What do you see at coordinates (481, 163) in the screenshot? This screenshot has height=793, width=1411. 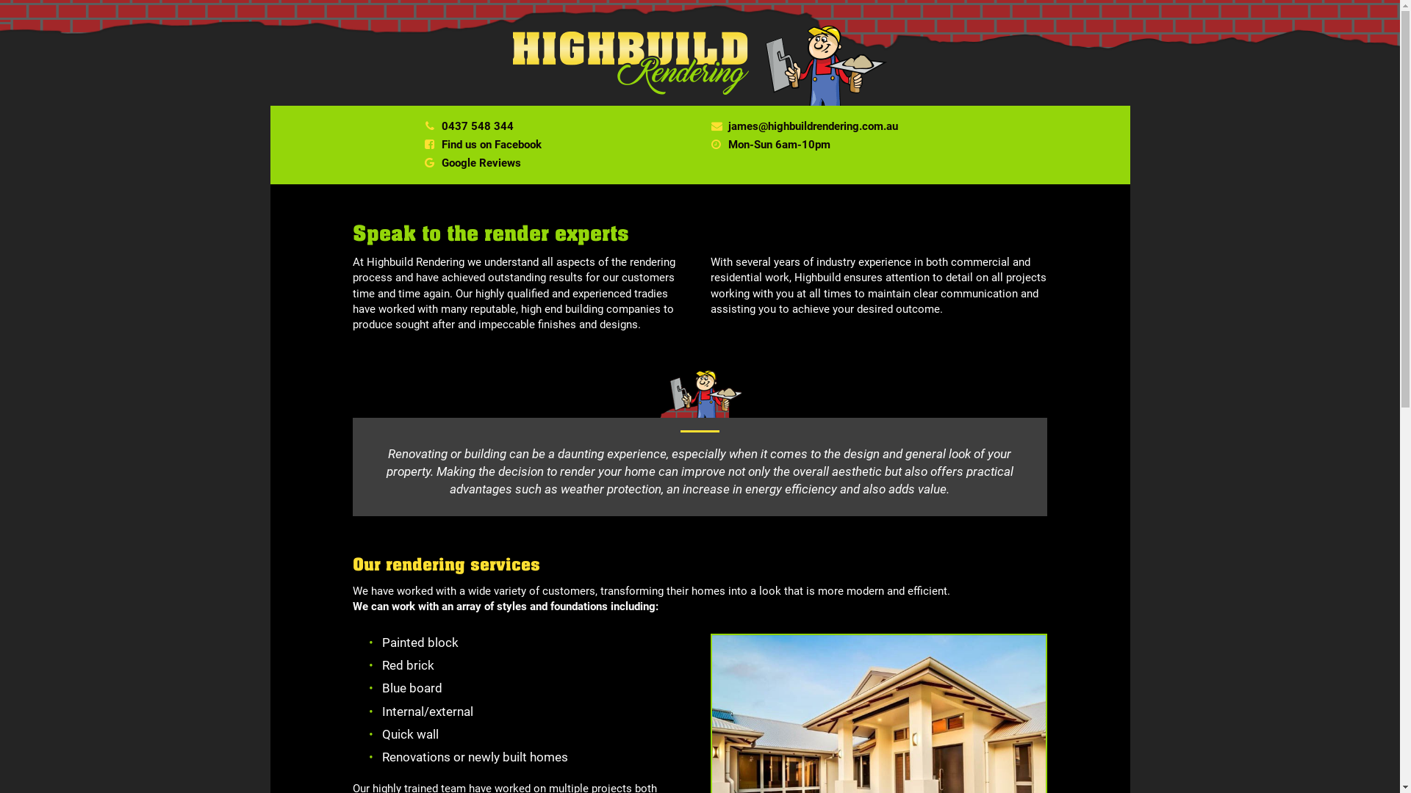 I see `'Google Reviews'` at bounding box center [481, 163].